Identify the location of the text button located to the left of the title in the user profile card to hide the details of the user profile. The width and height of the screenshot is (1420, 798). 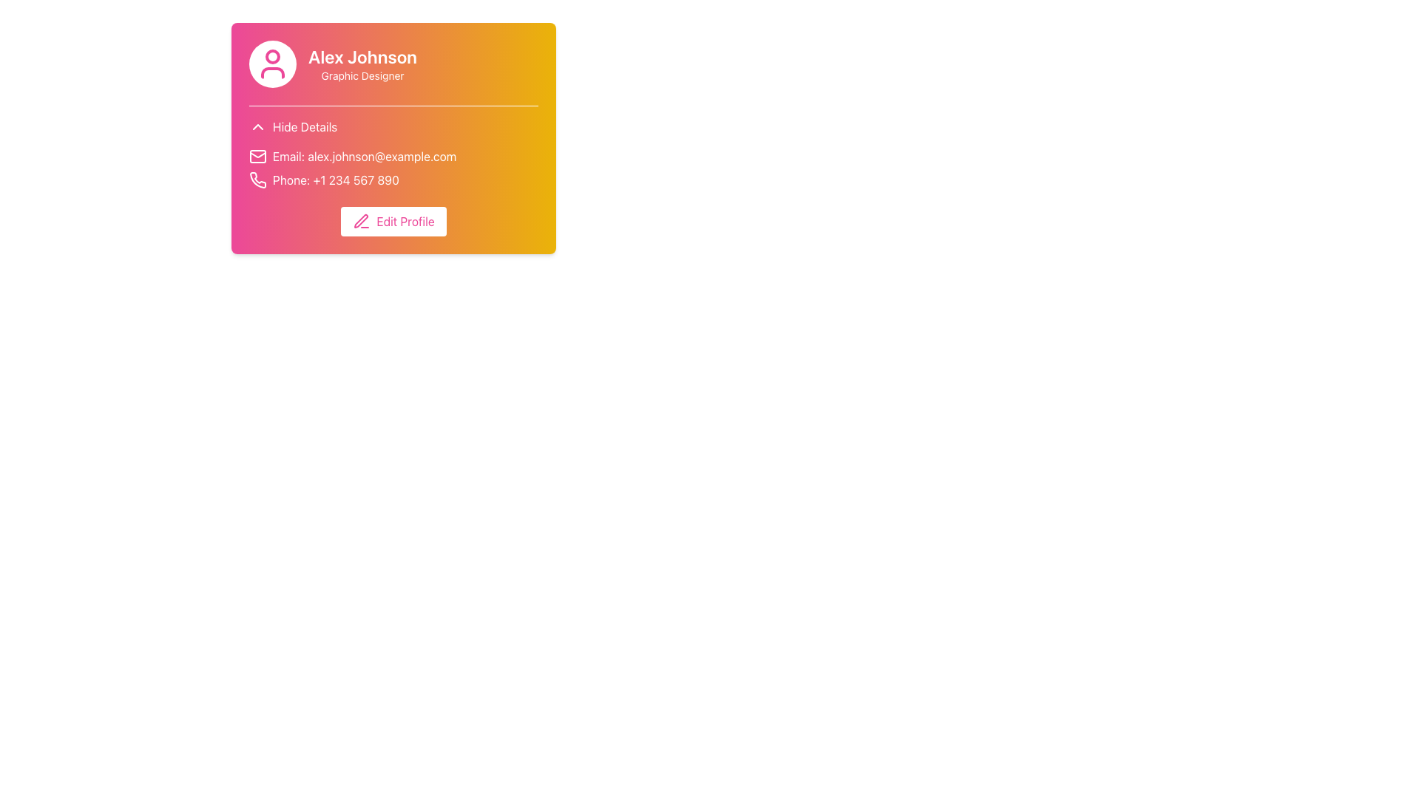
(304, 126).